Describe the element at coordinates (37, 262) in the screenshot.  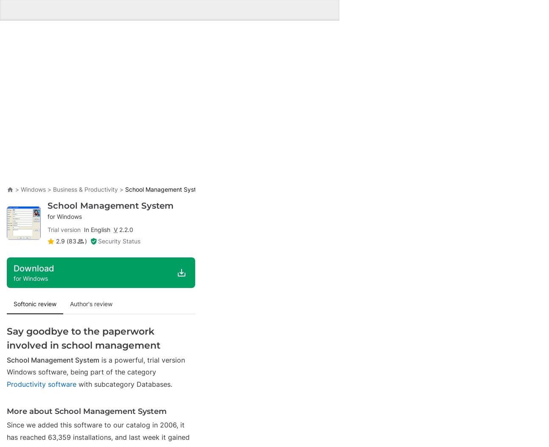
I see `'Related Articles'` at that location.